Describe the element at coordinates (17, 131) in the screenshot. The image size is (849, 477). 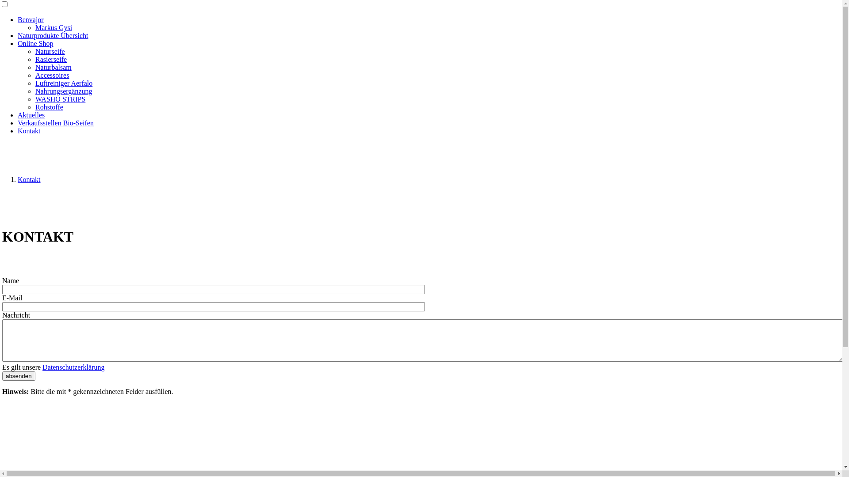
I see `'Kontakt'` at that location.